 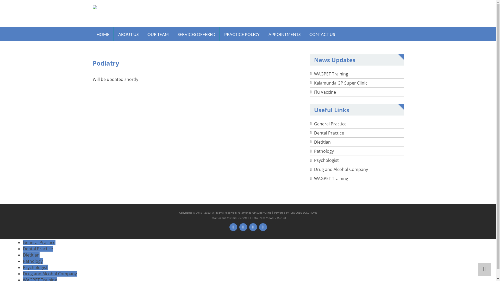 What do you see at coordinates (284, 34) in the screenshot?
I see `'APPOINTMENTS'` at bounding box center [284, 34].